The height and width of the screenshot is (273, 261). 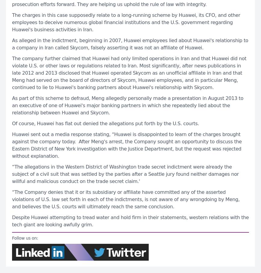 I want to click on 'As part of this scheme to defraud, Meng allegedly personally made a presentation in August 2013 to an executive of one of Huawei's major banking partners in which she repeatedly lied about the relationship between Huawei and Skycom.', so click(x=127, y=105).